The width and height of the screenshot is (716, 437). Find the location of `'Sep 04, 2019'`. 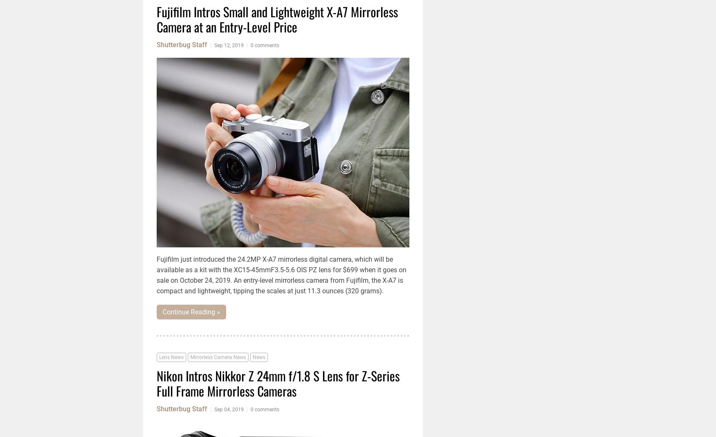

'Sep 04, 2019' is located at coordinates (229, 409).